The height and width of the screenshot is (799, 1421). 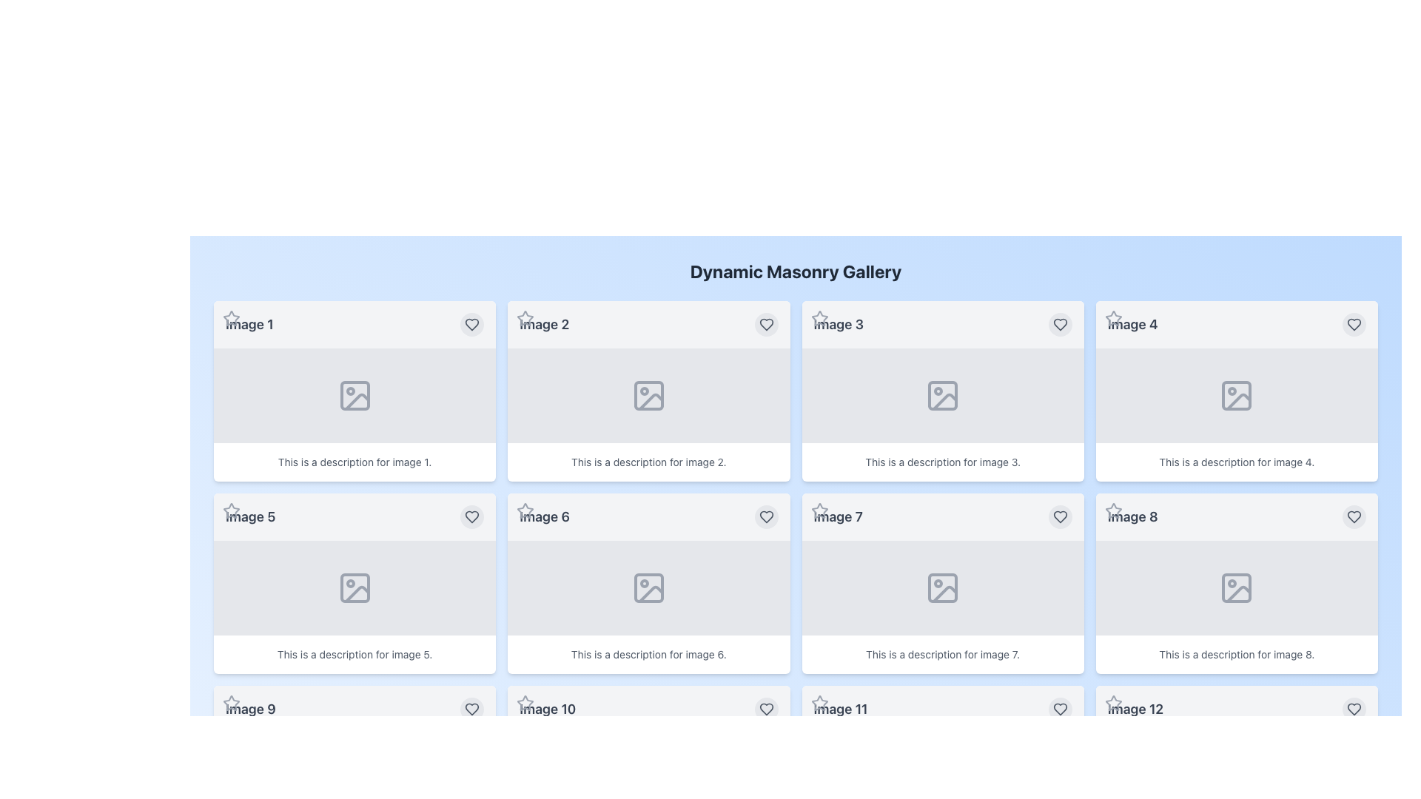 I want to click on text description provided by the text label located in the fourth box of the top row, underneath the 'Image 4' heading, so click(x=1237, y=461).